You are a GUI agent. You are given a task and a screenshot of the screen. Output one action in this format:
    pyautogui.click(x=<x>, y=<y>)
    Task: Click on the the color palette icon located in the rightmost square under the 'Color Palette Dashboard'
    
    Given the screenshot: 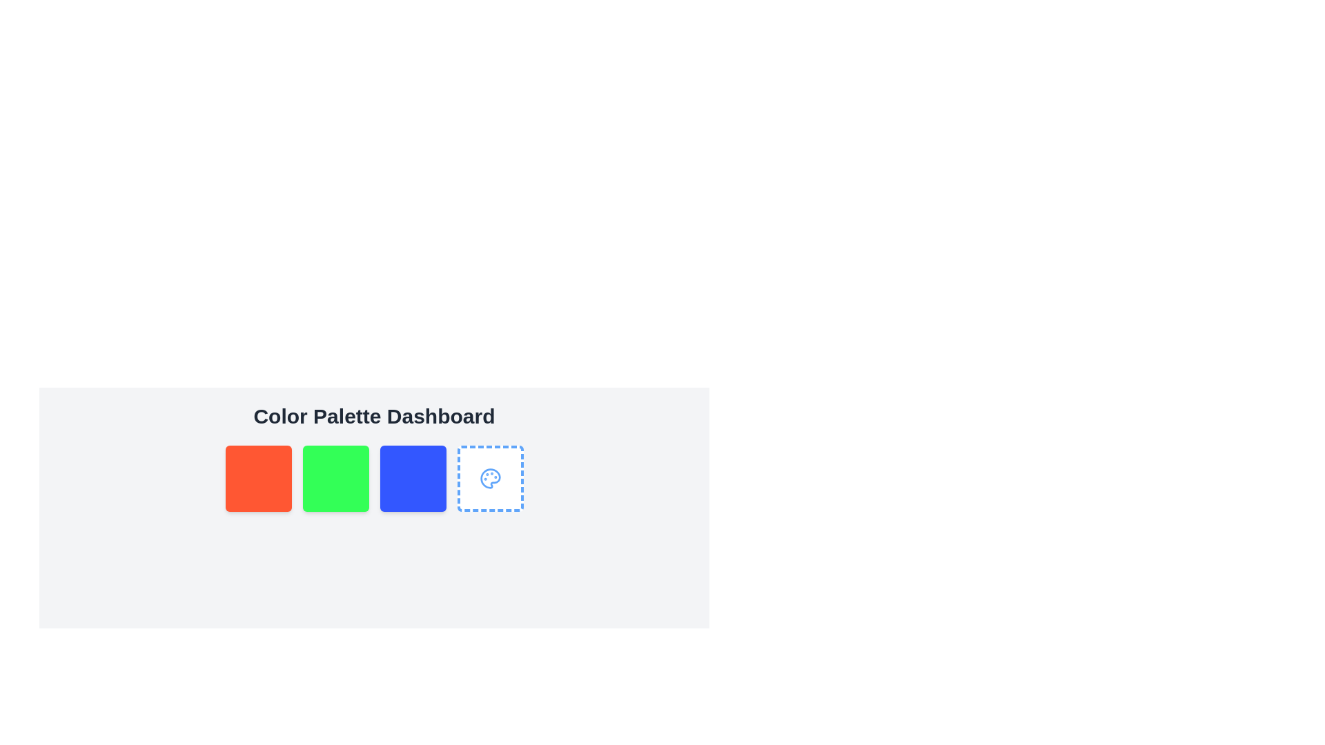 What is the action you would take?
    pyautogui.click(x=490, y=478)
    